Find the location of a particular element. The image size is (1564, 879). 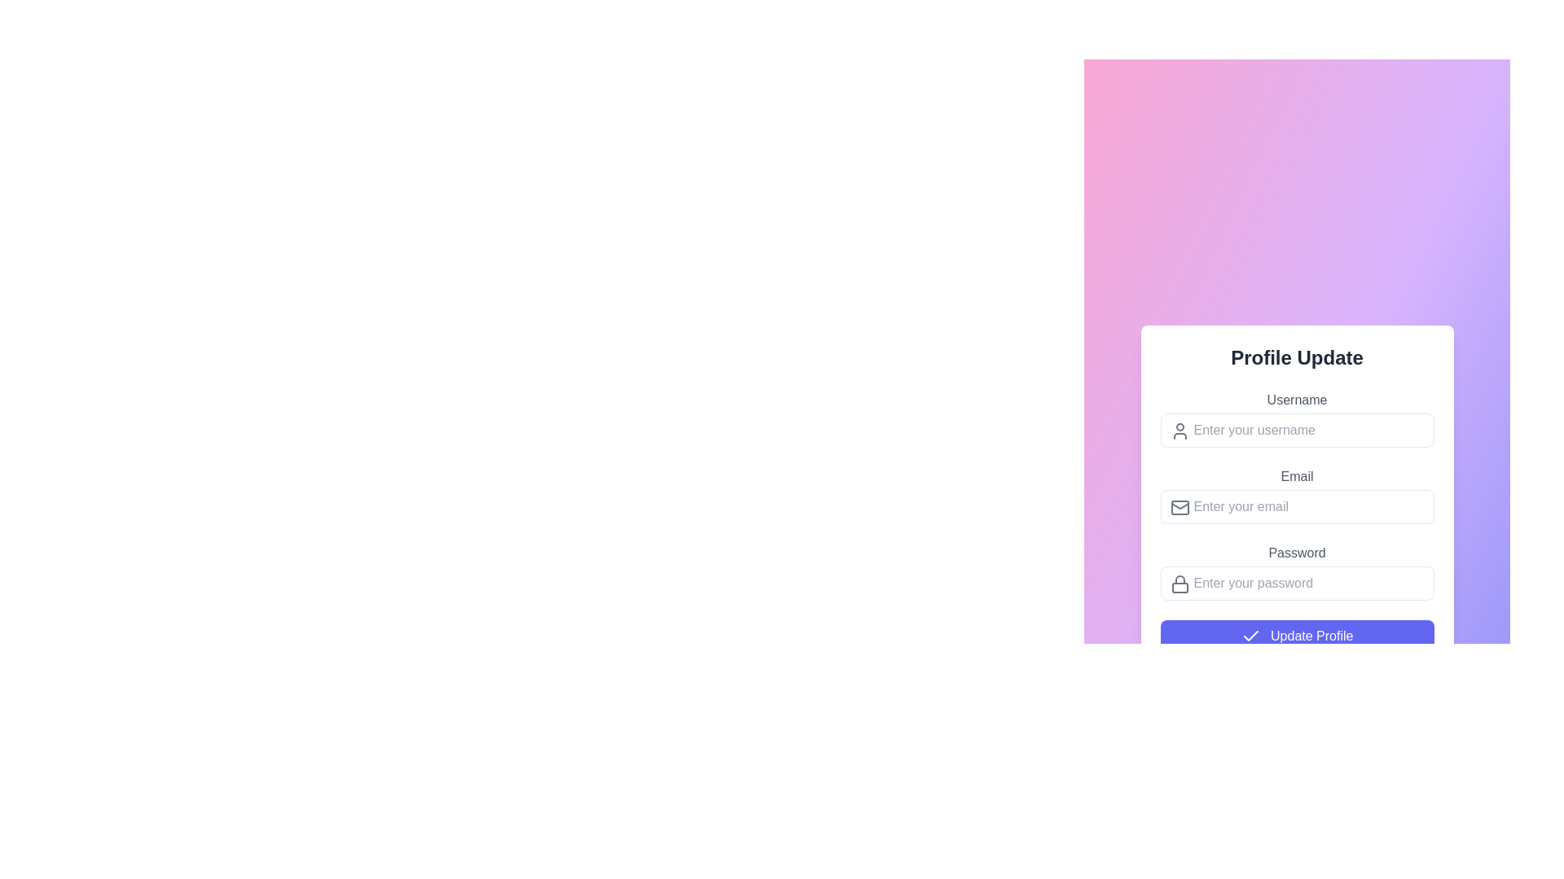

the rectangular portion of the SVG mail icon, which is adjacent to the email input field and slightly above the text 'Enter your email' is located at coordinates (1180, 506).